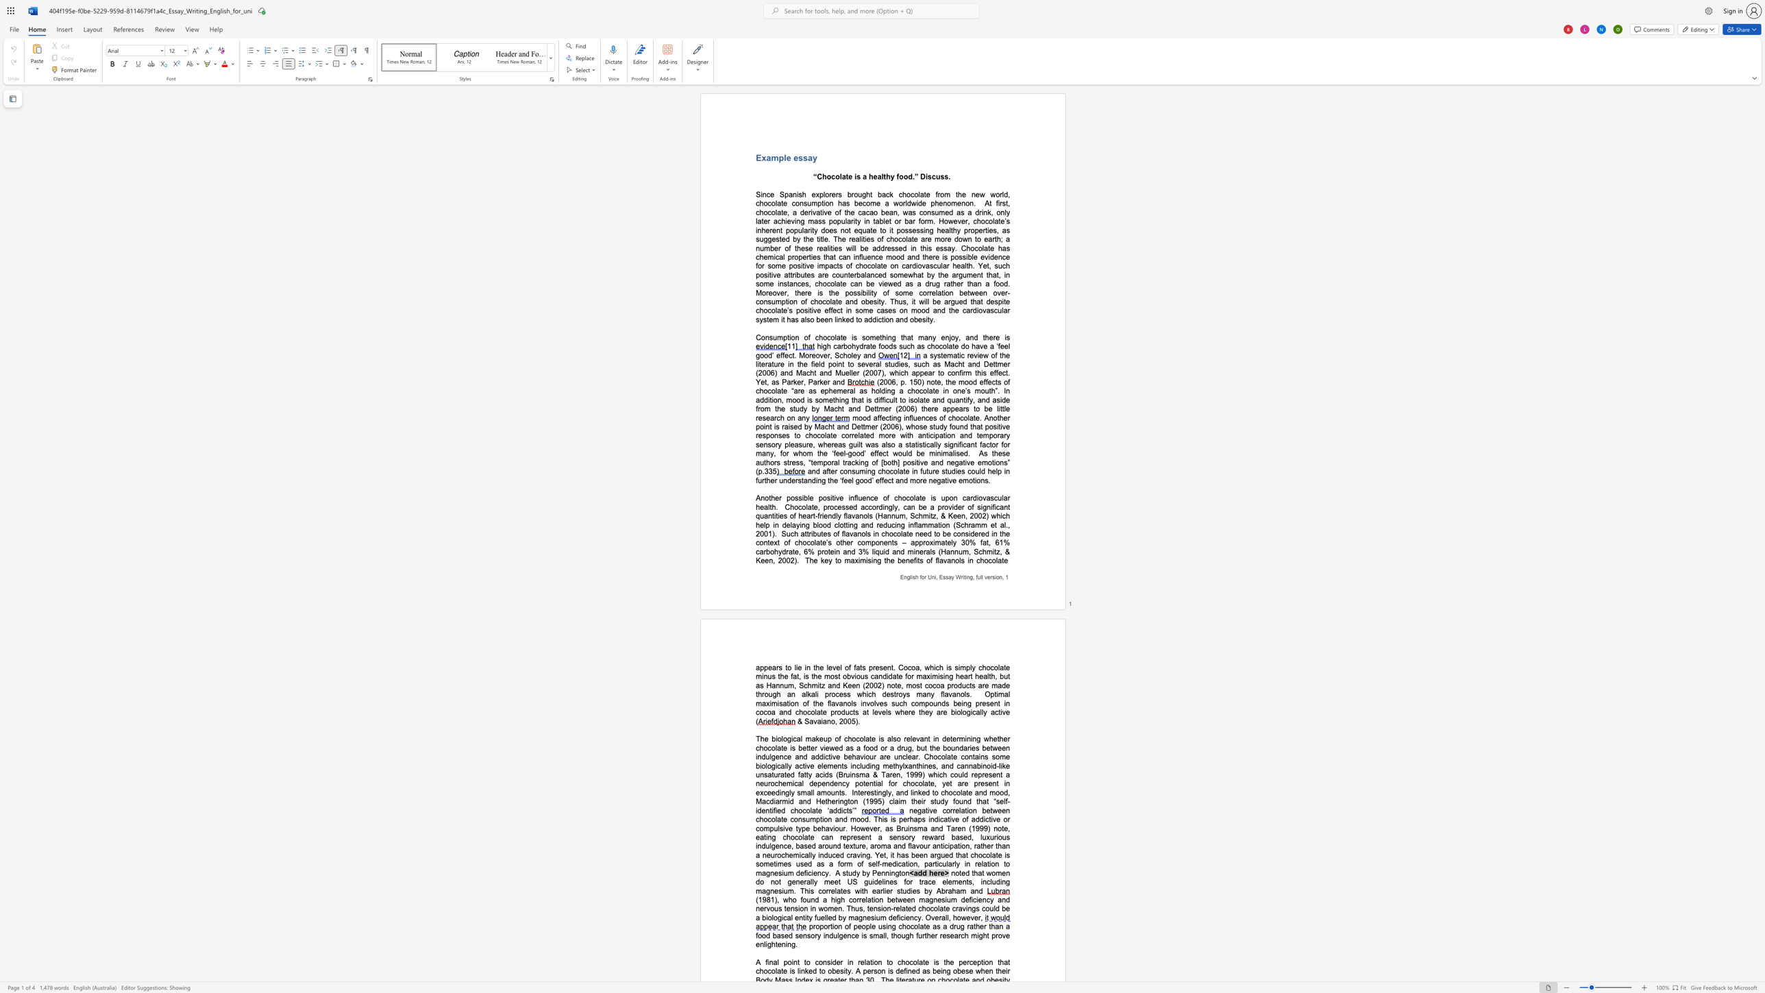  What do you see at coordinates (830, 302) in the screenshot?
I see `the 4th character "l" in the text` at bounding box center [830, 302].